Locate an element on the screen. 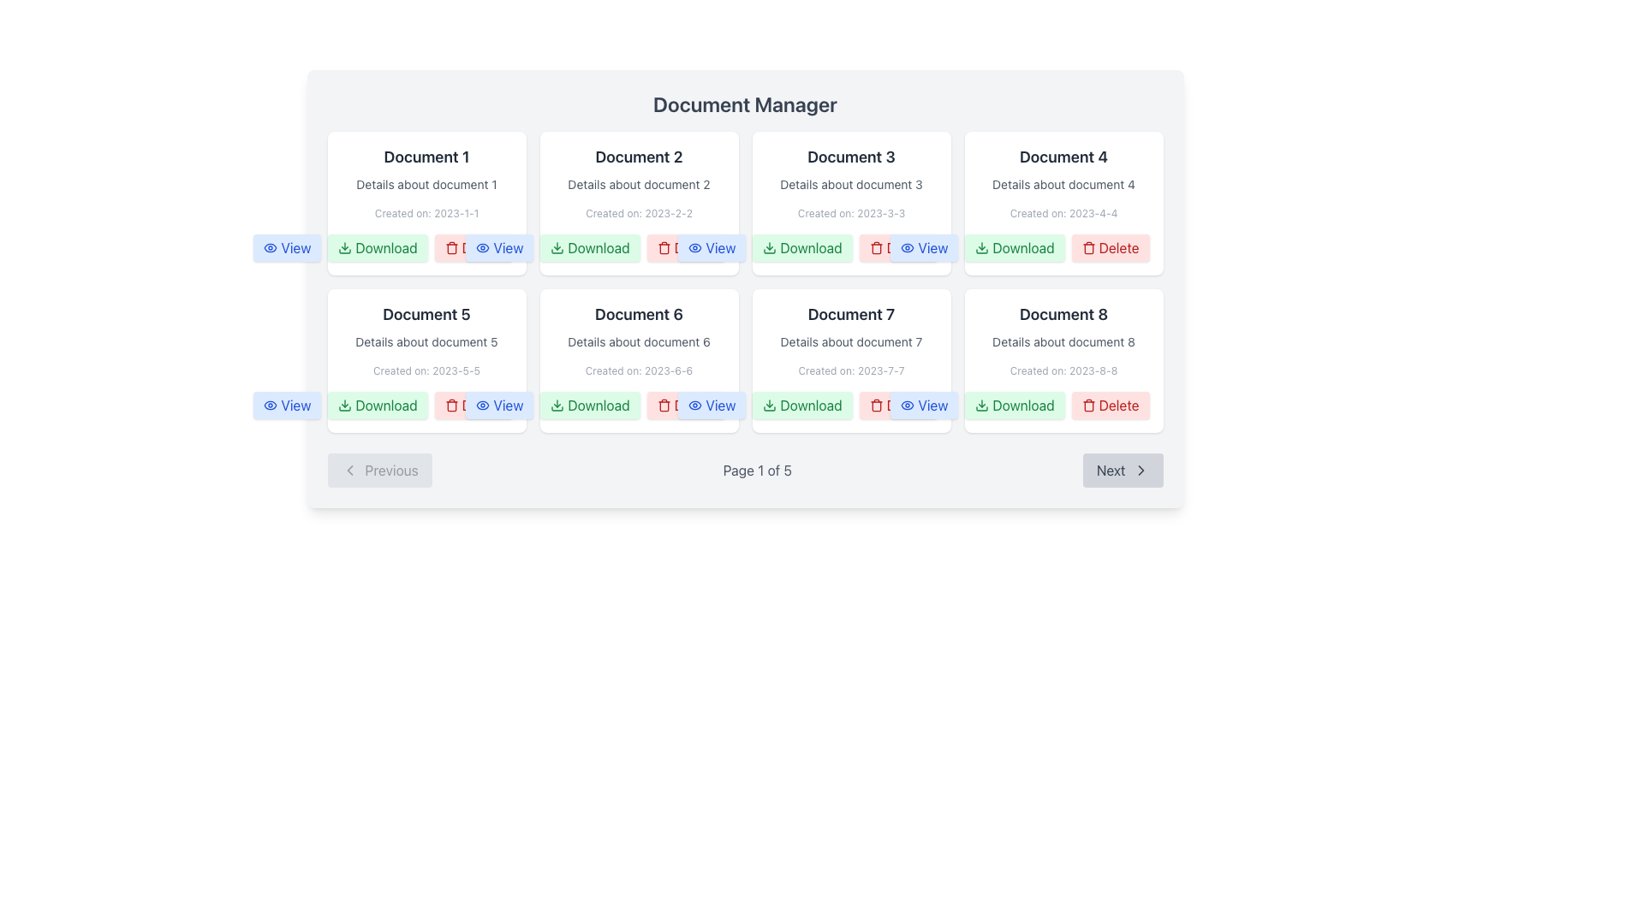 Image resolution: width=1644 pixels, height=924 pixels. the 'View' button with an eye-shaped icon on the left, located in the sixth card of the grid is located at coordinates (712, 406).